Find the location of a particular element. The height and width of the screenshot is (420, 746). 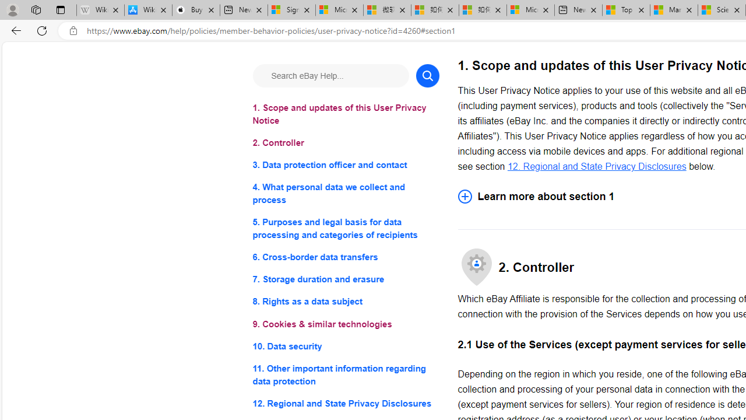

'10. Data security' is located at coordinates (345, 345).